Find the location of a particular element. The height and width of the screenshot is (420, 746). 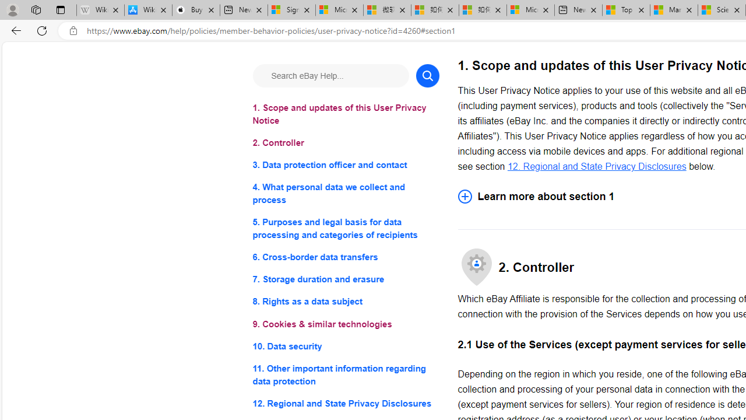

'10. Data security' is located at coordinates (345, 345).